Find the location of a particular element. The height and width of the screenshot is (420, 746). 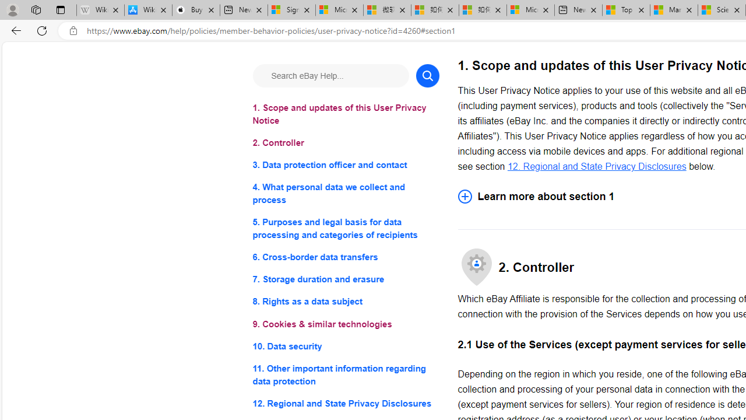

'10. Data security' is located at coordinates (345, 345).